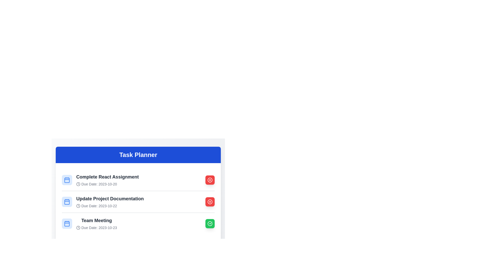 The width and height of the screenshot is (493, 277). Describe the element at coordinates (78, 184) in the screenshot. I see `the first icon on the left side of the text displaying 'Due Date: 2023-10-20', which serves as a visual indicator of time or deadline-related information for the 'Complete React Assignment' entry in the 'Task Planner'` at that location.